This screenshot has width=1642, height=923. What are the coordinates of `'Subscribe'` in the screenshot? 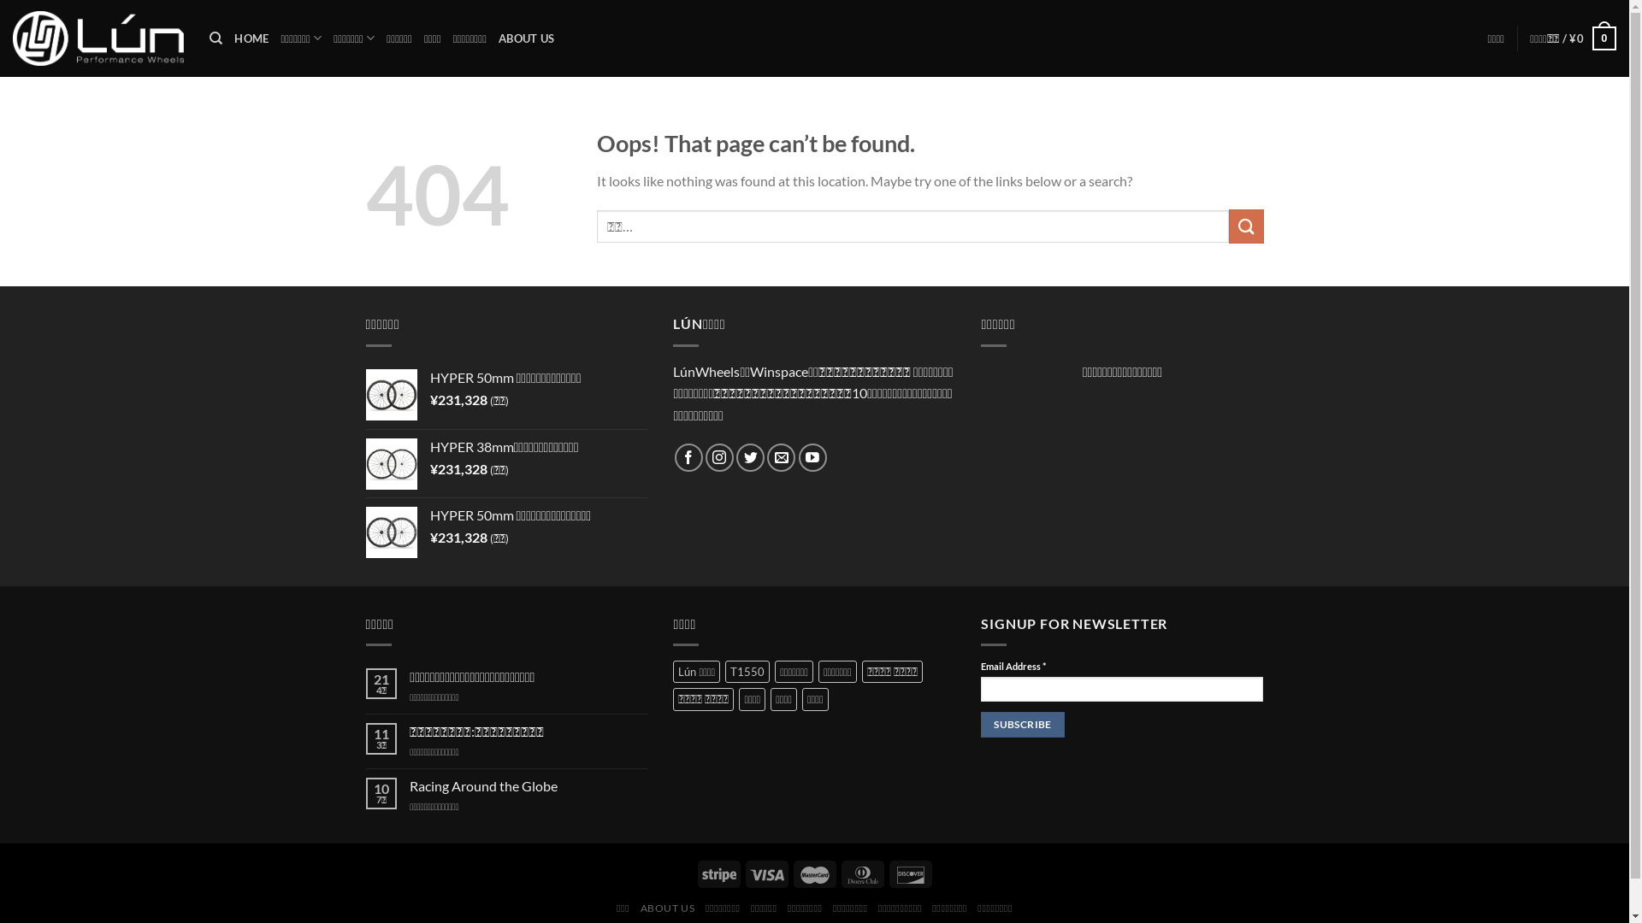 It's located at (1022, 725).